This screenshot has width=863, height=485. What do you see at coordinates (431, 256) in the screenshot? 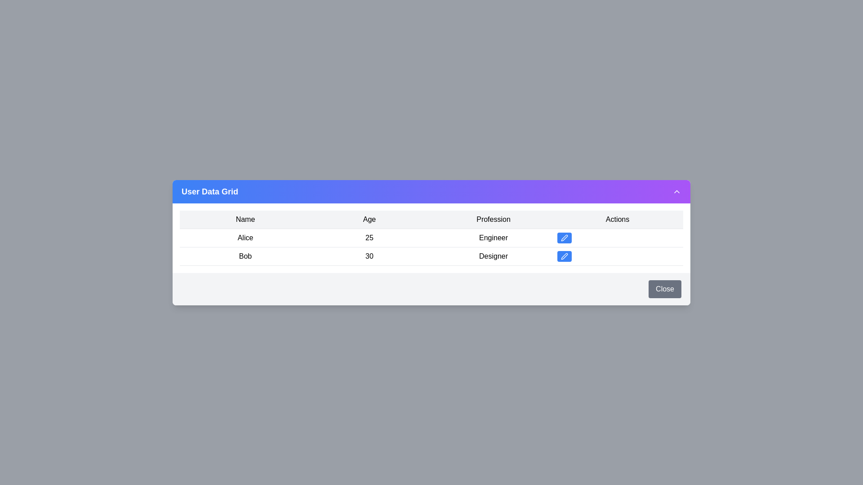
I see `the individual cells of the second table row displaying 'Bob', '30', and 'Designer'` at bounding box center [431, 256].